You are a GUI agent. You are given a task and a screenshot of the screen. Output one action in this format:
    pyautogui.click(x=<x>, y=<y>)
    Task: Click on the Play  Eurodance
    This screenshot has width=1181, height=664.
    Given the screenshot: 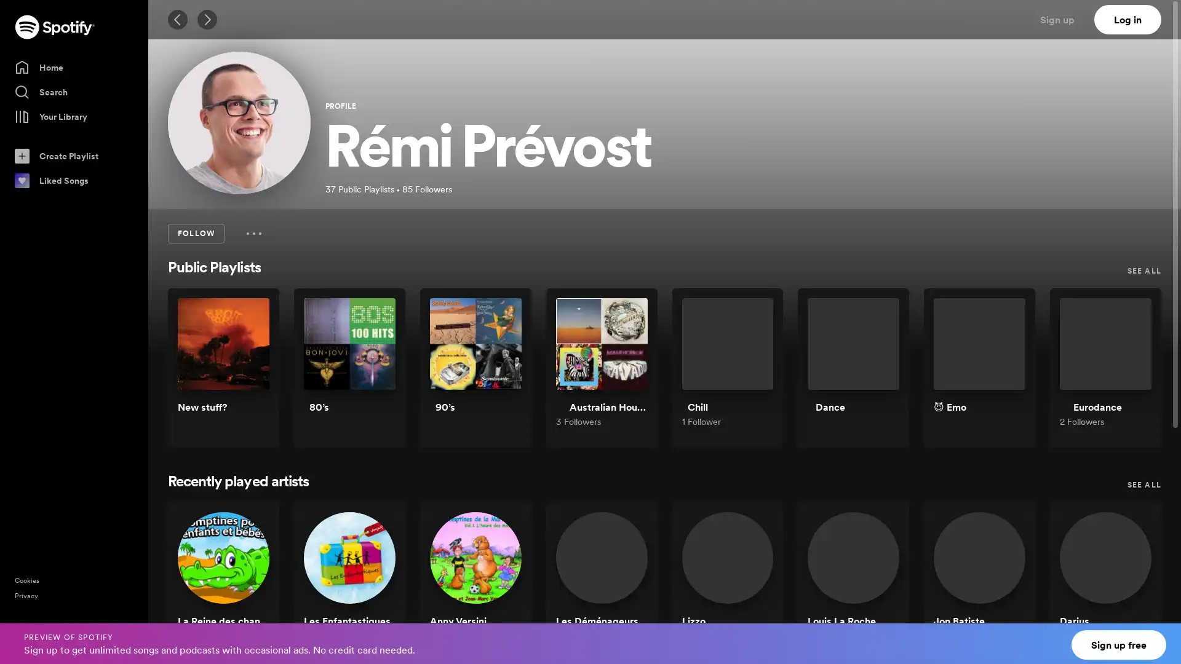 What is the action you would take?
    pyautogui.click(x=1131, y=374)
    